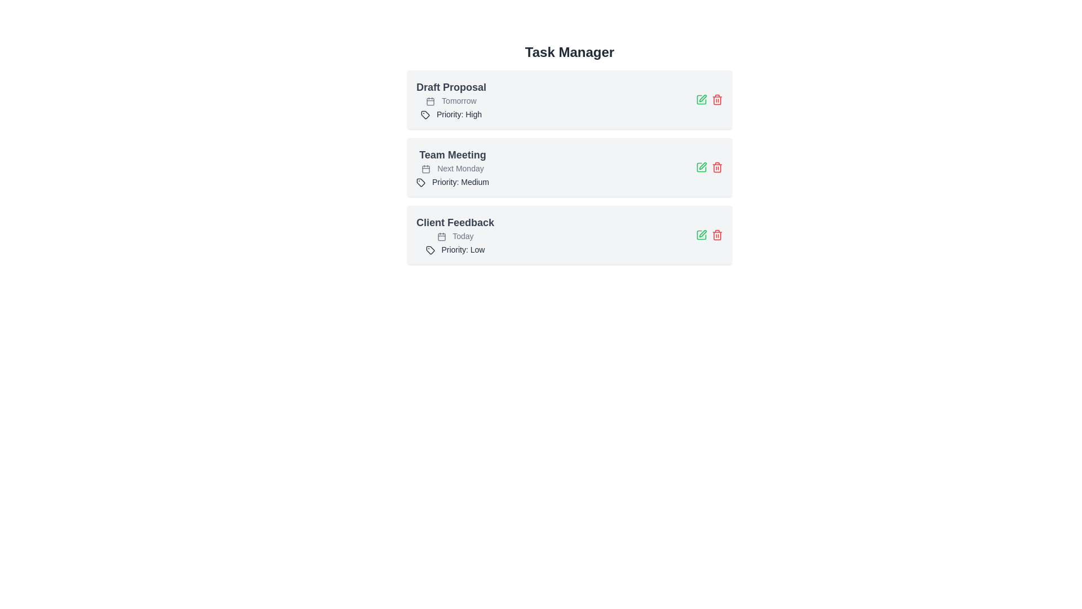  I want to click on rectangular icon representing a scheduled task date within the third task item of the calendar icon labeled 'Today', so click(441, 236).